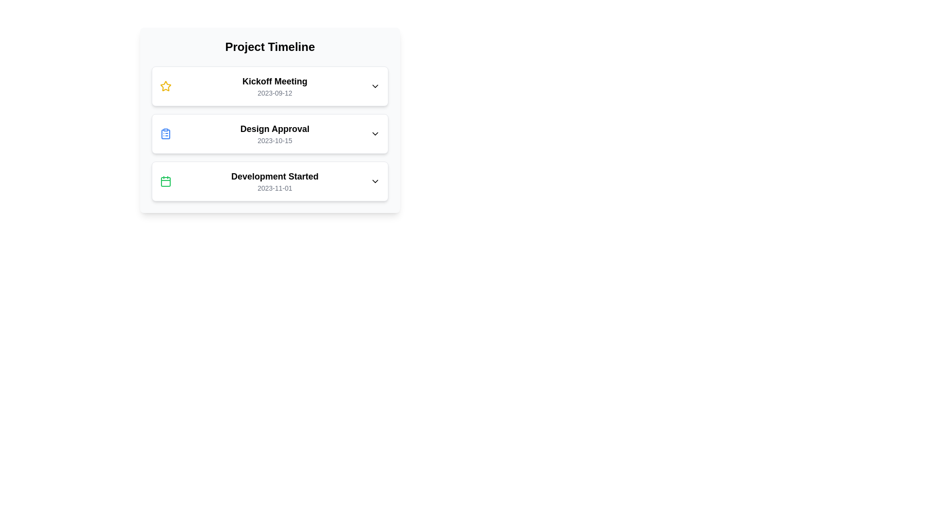 The width and height of the screenshot is (931, 524). I want to click on the static text element that indicates the date for the 'Kickoff Meeting' entry, located under the 'Project Timeline' header, so click(274, 93).